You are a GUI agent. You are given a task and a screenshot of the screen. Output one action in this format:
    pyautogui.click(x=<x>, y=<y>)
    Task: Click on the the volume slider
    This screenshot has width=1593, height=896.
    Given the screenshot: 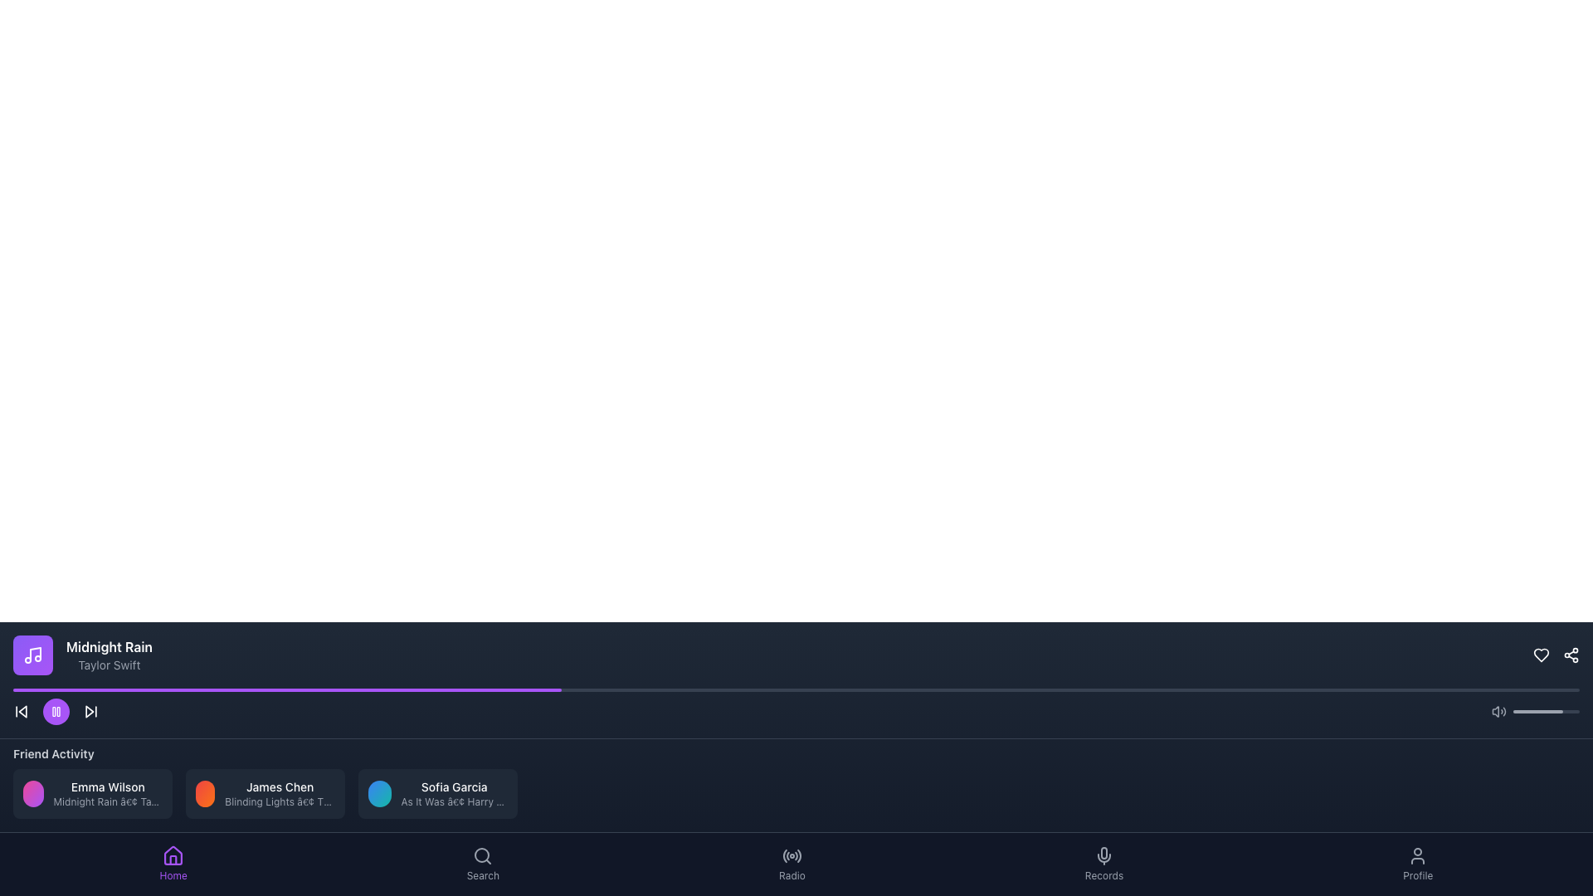 What is the action you would take?
    pyautogui.click(x=1525, y=710)
    